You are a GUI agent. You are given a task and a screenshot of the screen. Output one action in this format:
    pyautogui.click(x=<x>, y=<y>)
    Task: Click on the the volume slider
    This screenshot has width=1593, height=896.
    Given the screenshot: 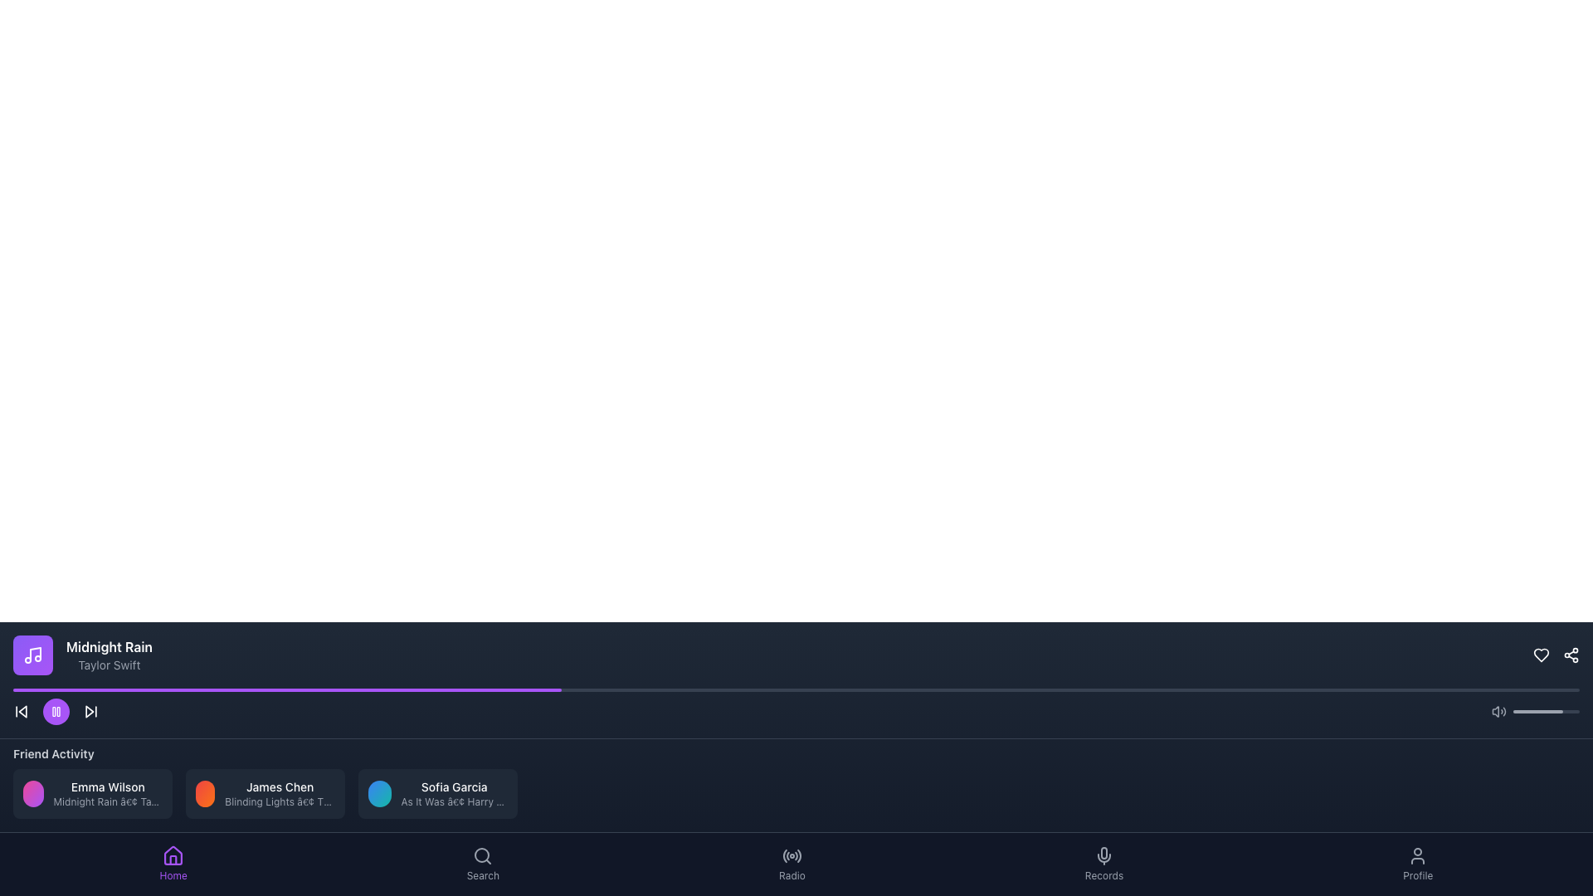 What is the action you would take?
    pyautogui.click(x=1525, y=710)
    